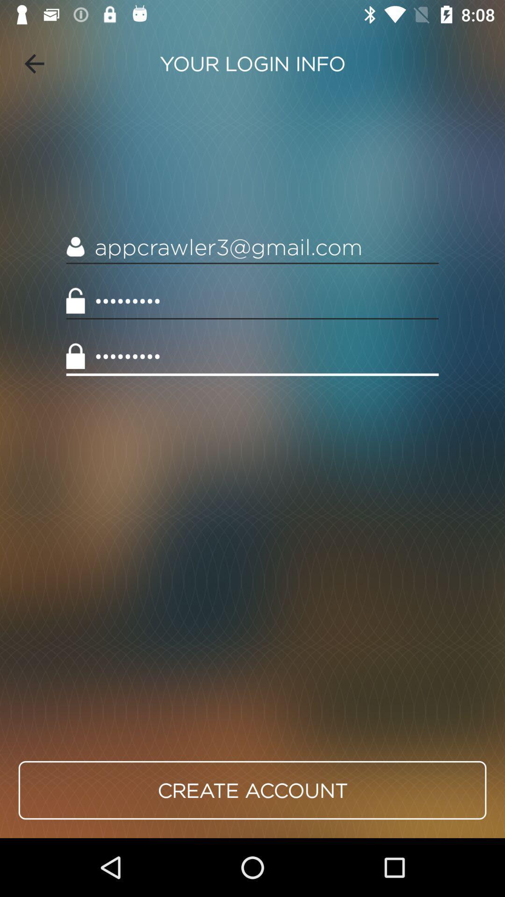 Image resolution: width=505 pixels, height=897 pixels. Describe the element at coordinates (252, 247) in the screenshot. I see `the appcrawler3@gmail.com icon` at that location.